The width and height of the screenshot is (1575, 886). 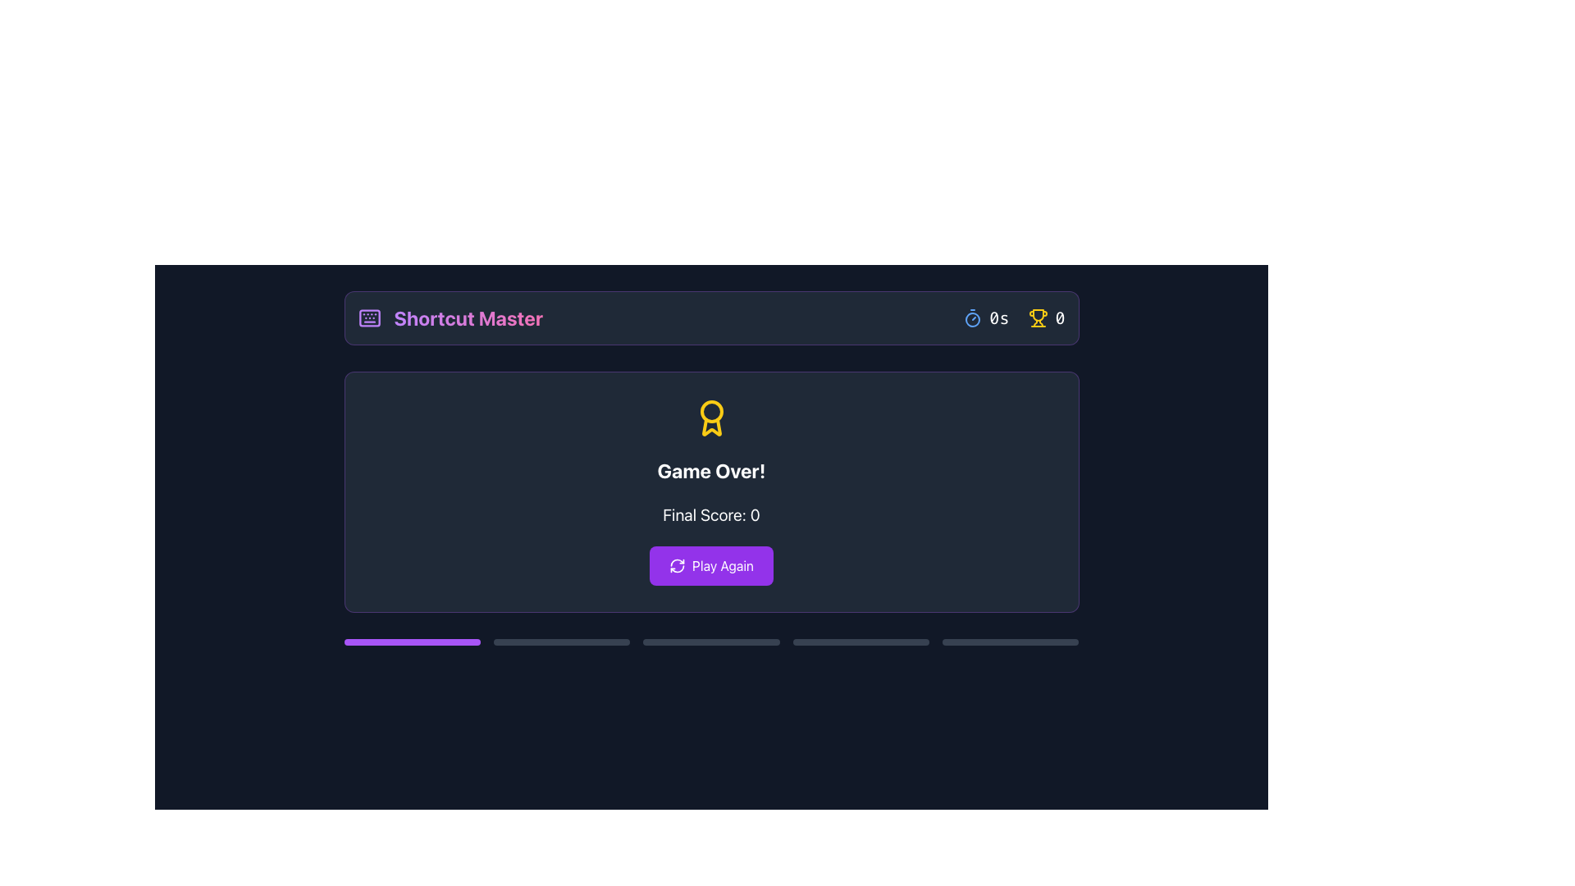 I want to click on tooltips of the icons displayed in the status display component located in the top-right section of the application's header, adjacent to the 'Shortcut Master' label, so click(x=1013, y=318).